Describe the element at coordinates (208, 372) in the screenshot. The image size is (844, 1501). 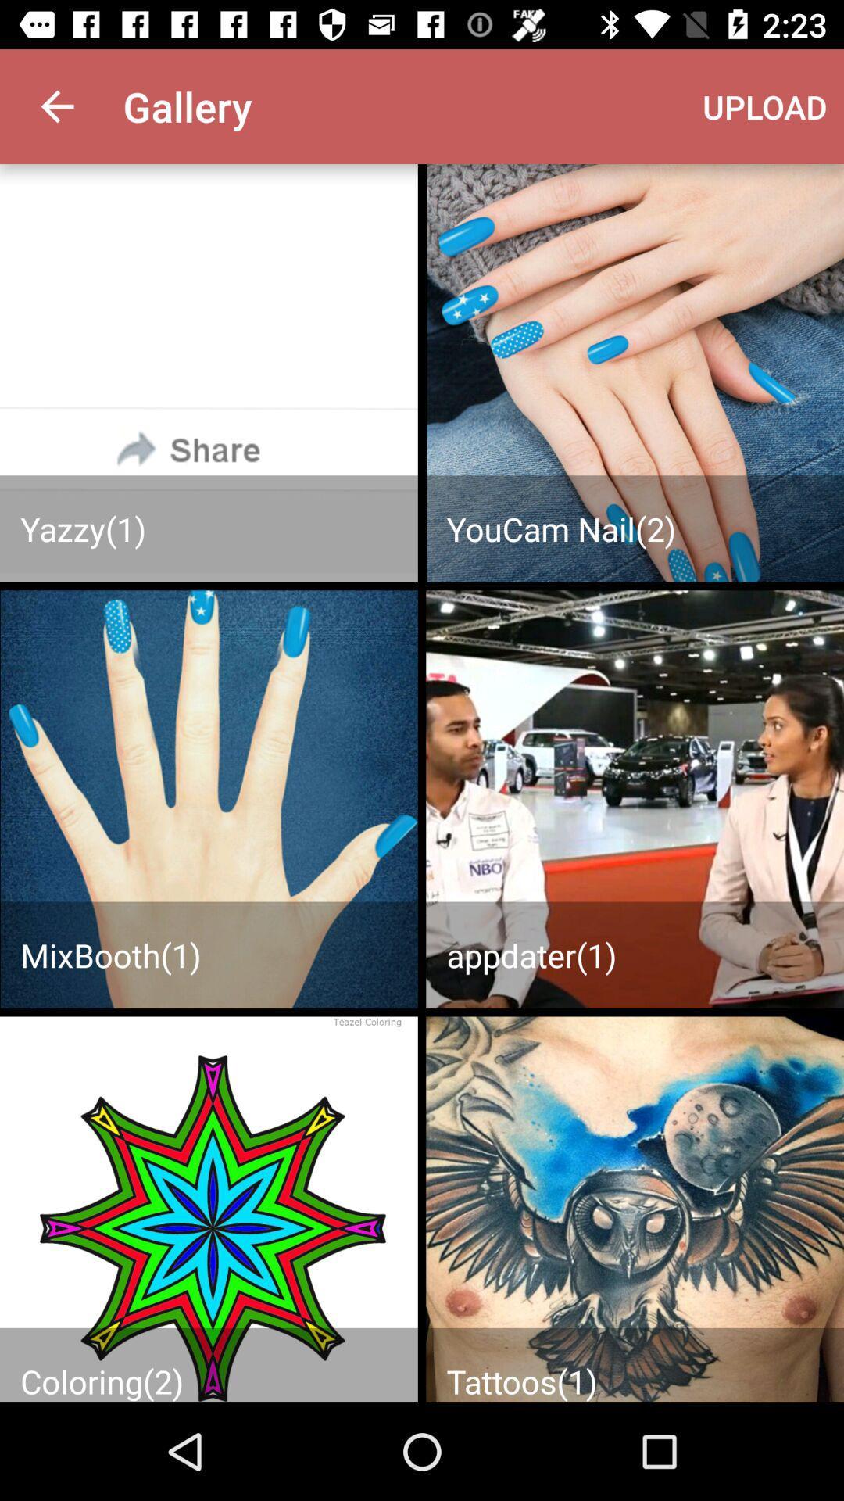
I see `album` at that location.